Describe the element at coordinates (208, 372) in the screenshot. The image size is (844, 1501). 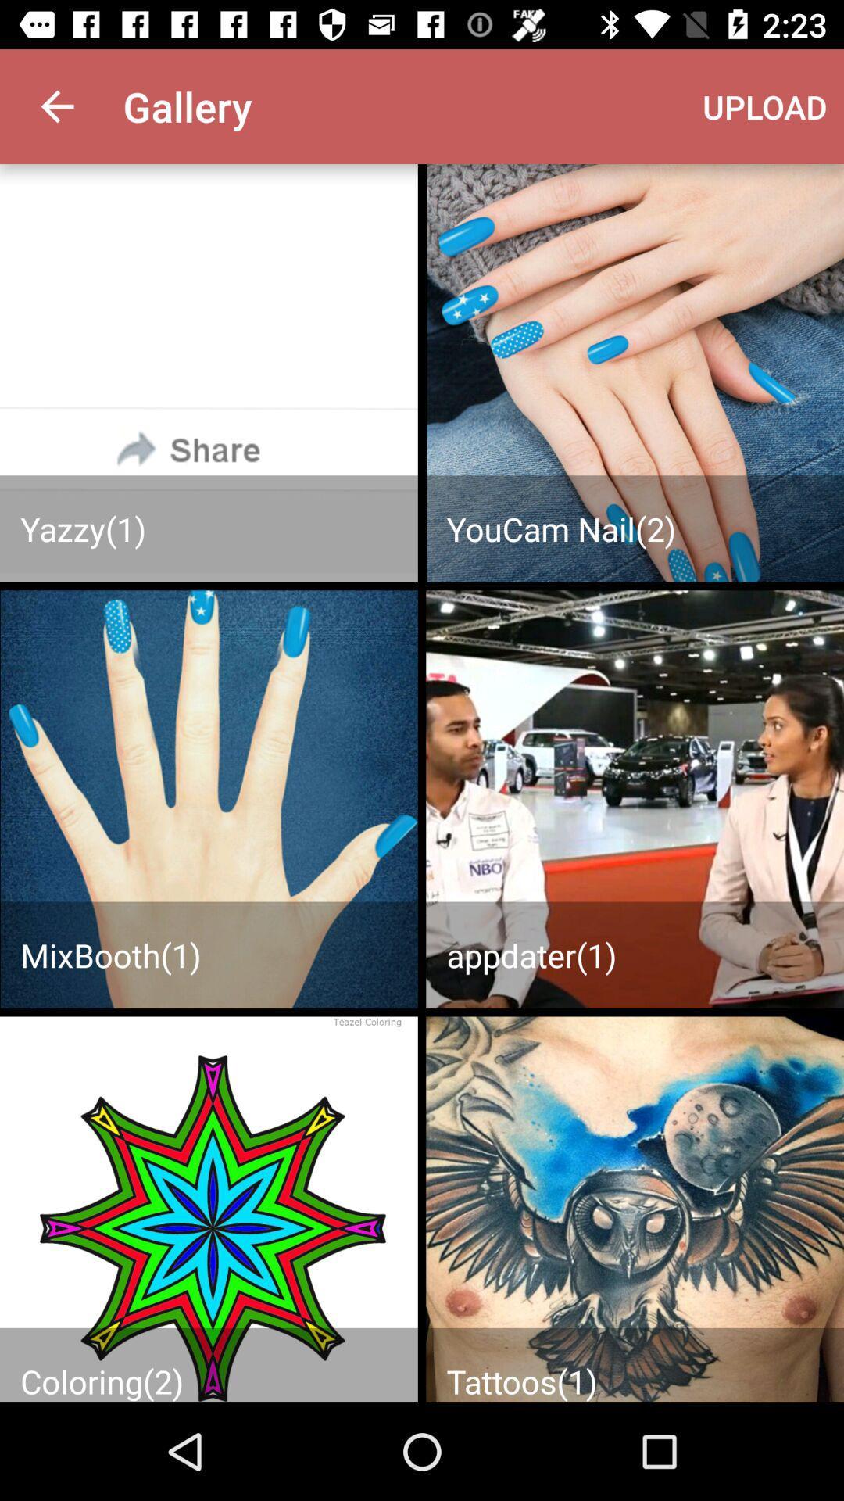
I see `album` at that location.